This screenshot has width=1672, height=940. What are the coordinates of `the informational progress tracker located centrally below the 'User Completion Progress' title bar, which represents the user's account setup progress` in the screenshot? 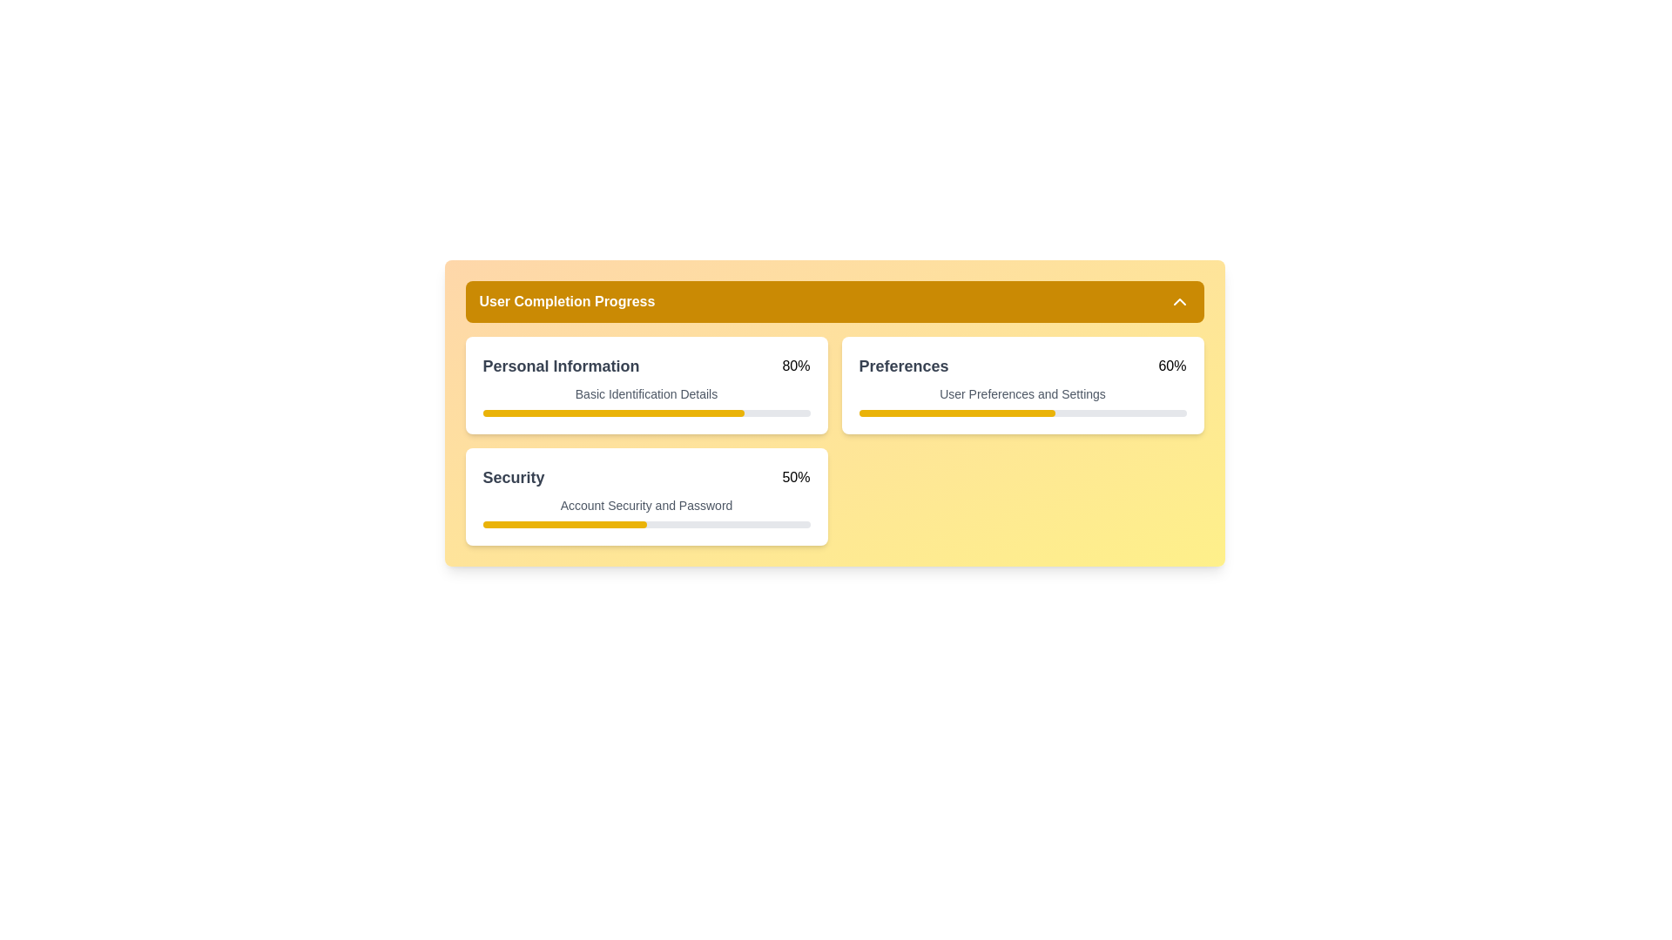 It's located at (833, 413).